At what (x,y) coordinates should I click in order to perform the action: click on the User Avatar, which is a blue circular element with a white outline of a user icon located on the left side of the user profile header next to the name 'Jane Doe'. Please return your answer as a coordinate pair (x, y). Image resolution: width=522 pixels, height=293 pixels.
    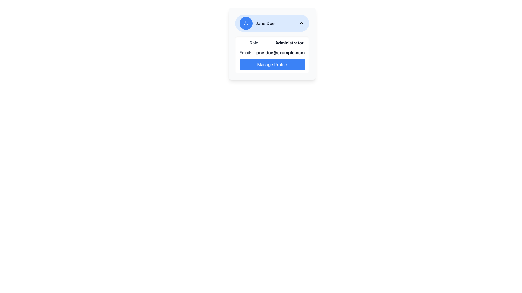
    Looking at the image, I should click on (246, 23).